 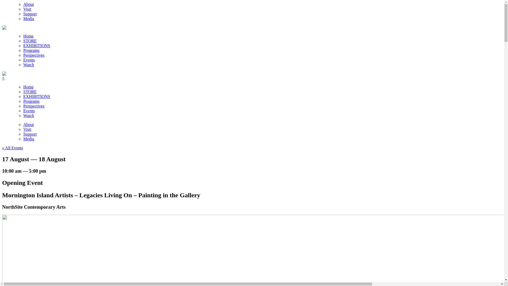 What do you see at coordinates (28, 124) in the screenshot?
I see `'About'` at bounding box center [28, 124].